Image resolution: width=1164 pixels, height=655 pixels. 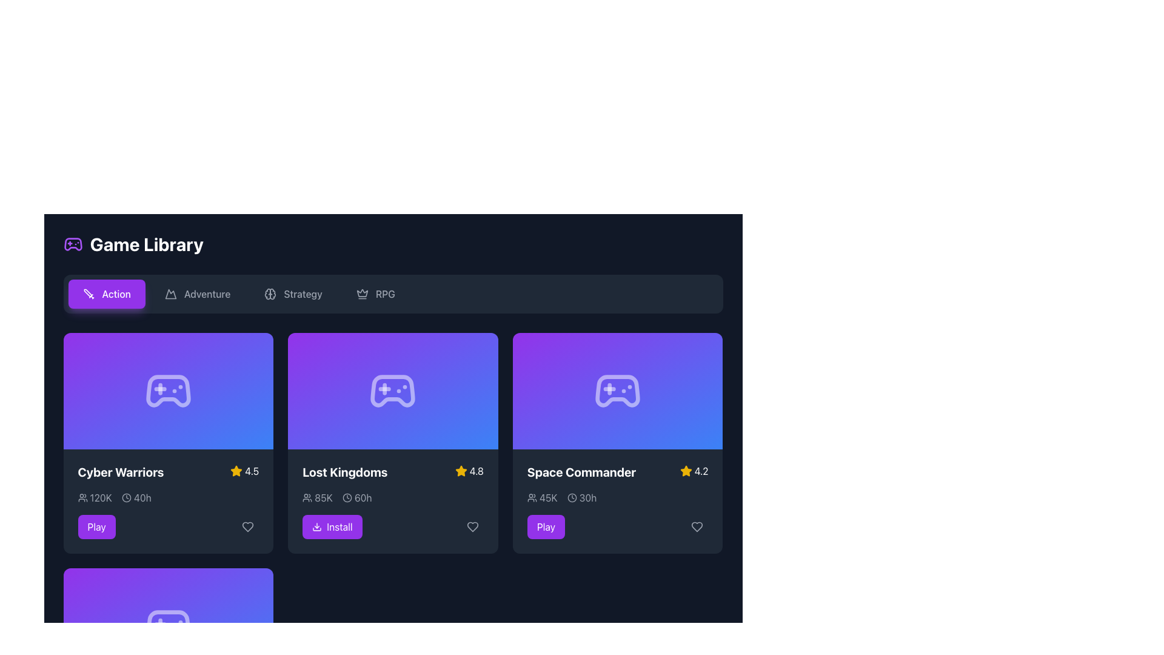 I want to click on the heart icon in the bottom right corner of the 'Space Commander' game card, so click(x=697, y=526).